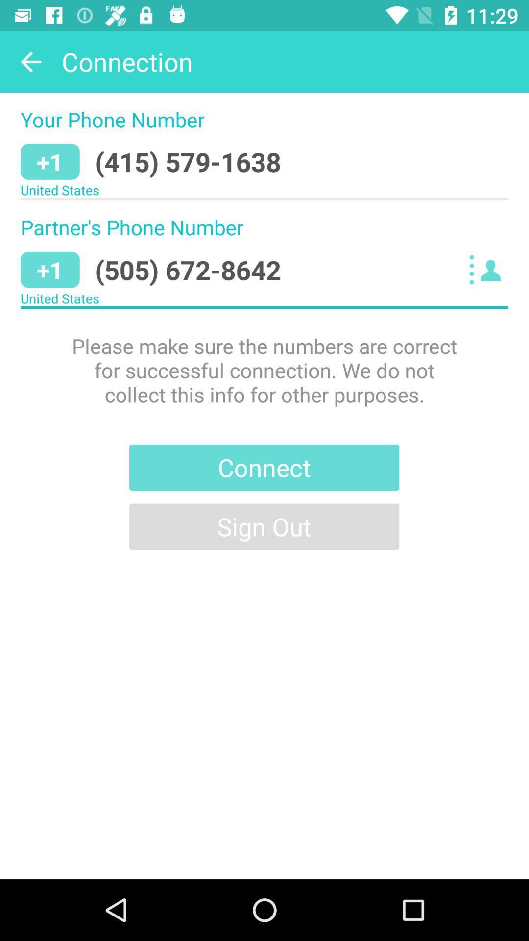 This screenshot has height=941, width=529. Describe the element at coordinates (264, 526) in the screenshot. I see `item below connect` at that location.